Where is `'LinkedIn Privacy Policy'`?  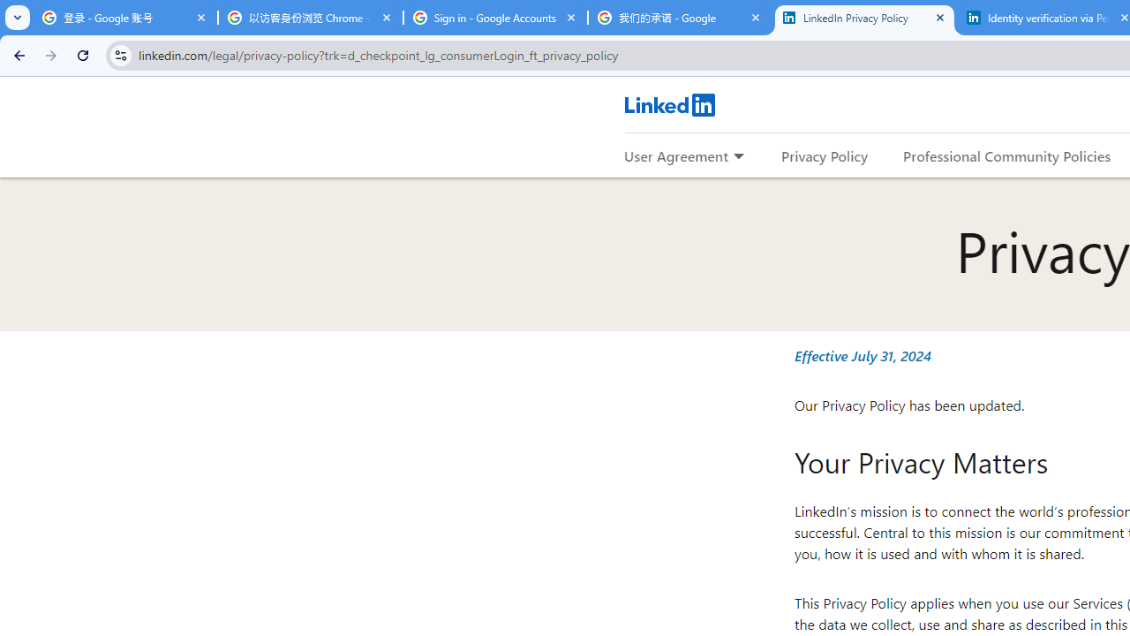 'LinkedIn Privacy Policy' is located at coordinates (864, 18).